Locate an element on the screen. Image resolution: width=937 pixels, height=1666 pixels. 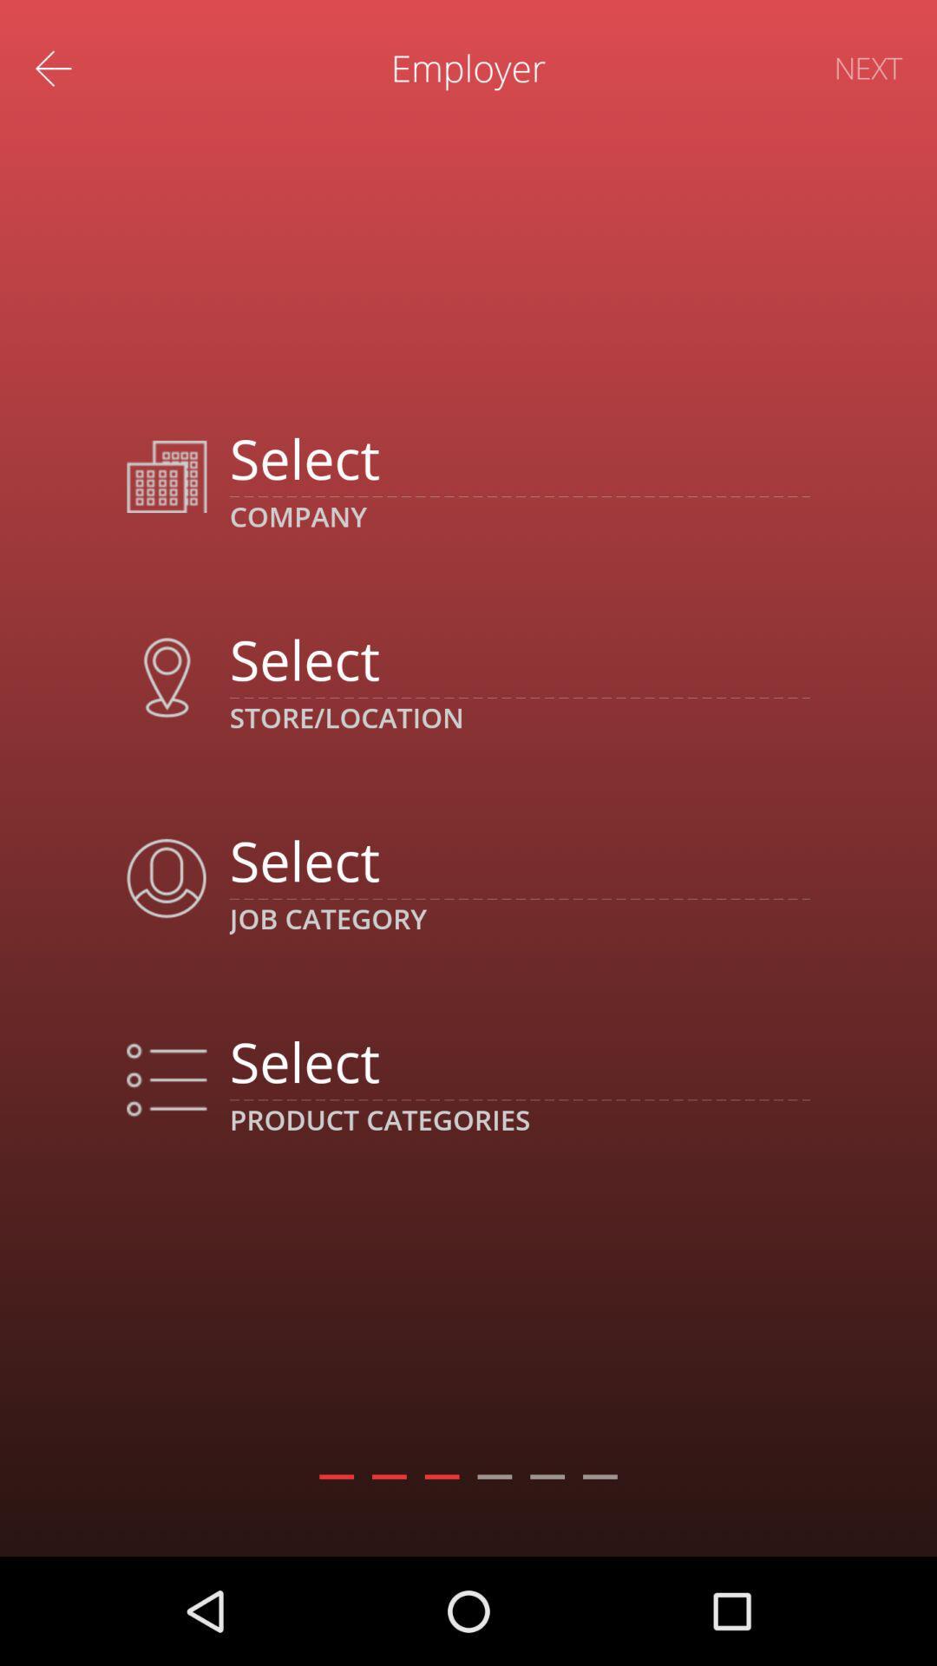
product category is located at coordinates (519, 1060).